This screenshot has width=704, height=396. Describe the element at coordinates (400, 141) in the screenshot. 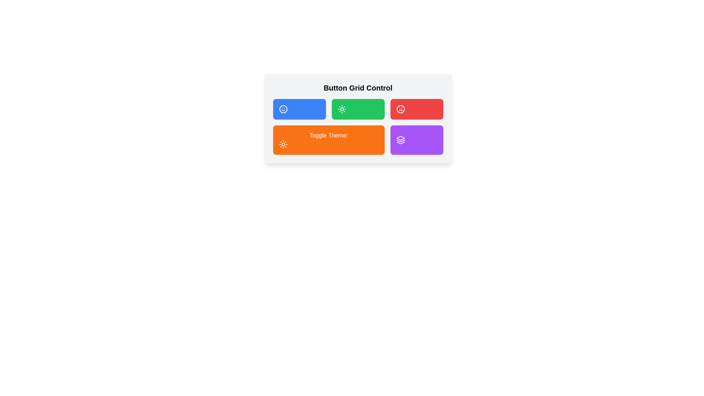

I see `the purple-colored square button containing a layered stripe pattern icon located at the bottom-right of the grid` at that location.